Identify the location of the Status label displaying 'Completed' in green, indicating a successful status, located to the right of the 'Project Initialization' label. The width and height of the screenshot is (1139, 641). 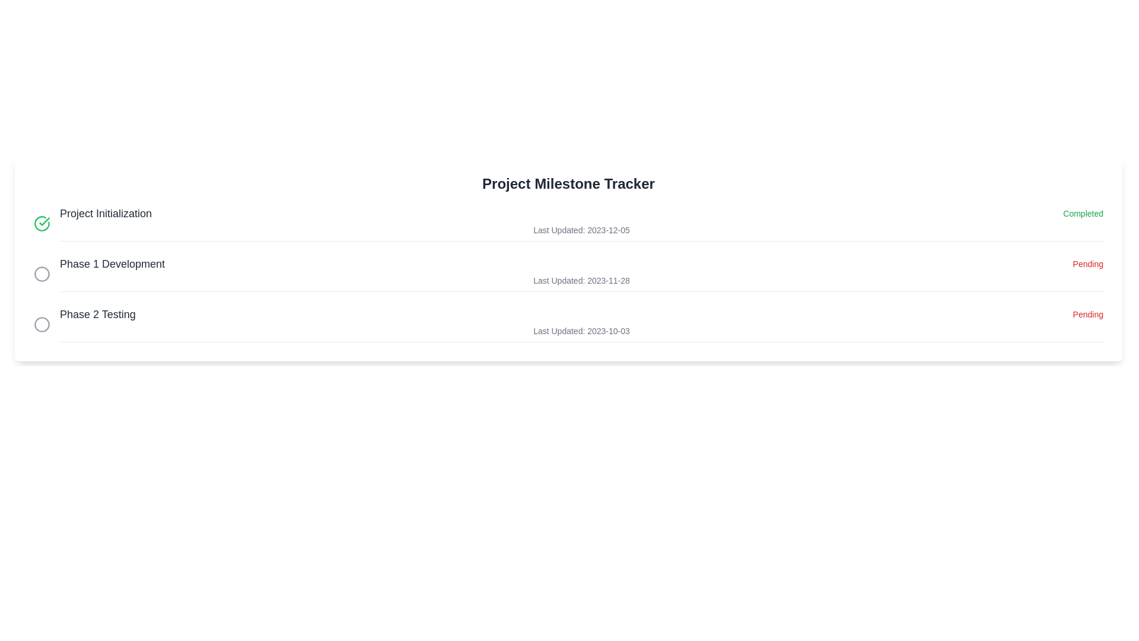
(1083, 212).